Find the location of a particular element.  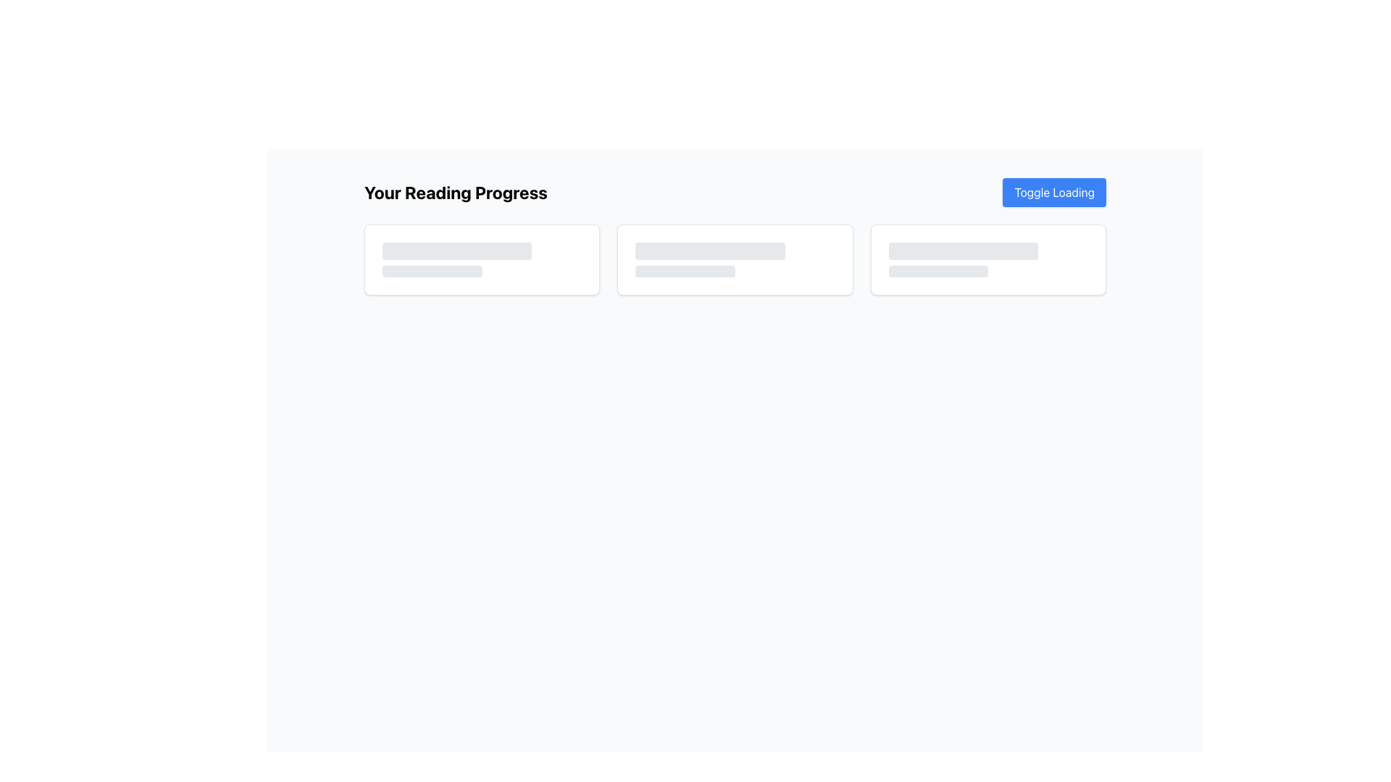

the second card placeholder that indicates a loading state, centrally located in the grid layout of three cards is located at coordinates (735, 258).